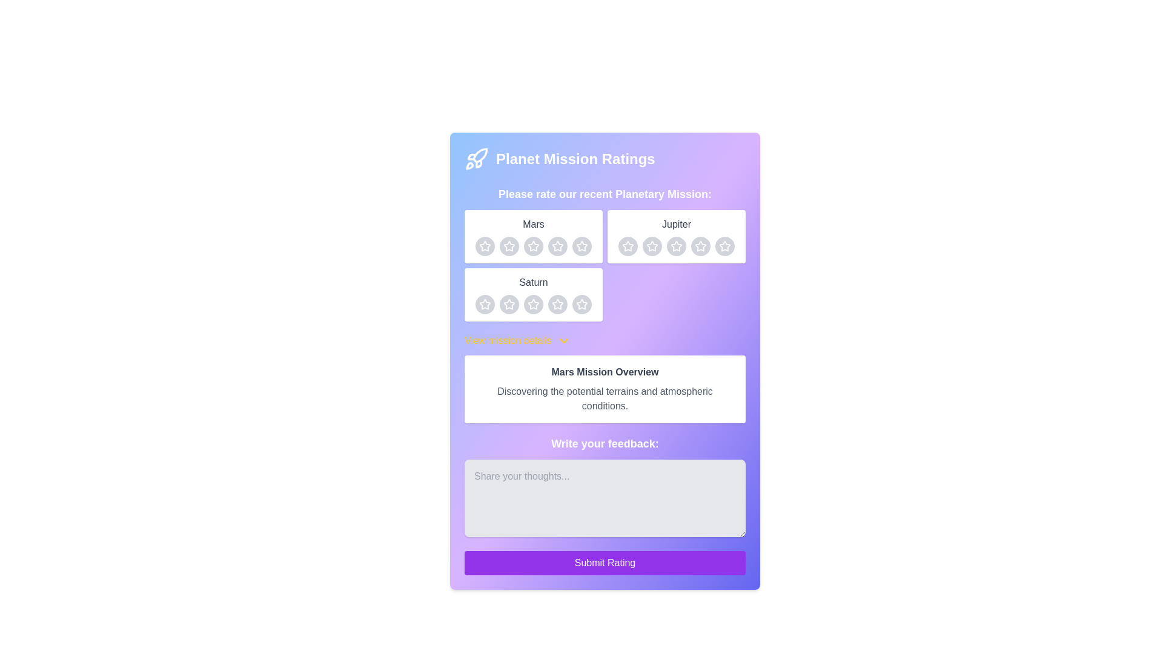  What do you see at coordinates (557, 303) in the screenshot?
I see `the third star icon in the rating section for 'Saturn' to rate it as 3 stars` at bounding box center [557, 303].